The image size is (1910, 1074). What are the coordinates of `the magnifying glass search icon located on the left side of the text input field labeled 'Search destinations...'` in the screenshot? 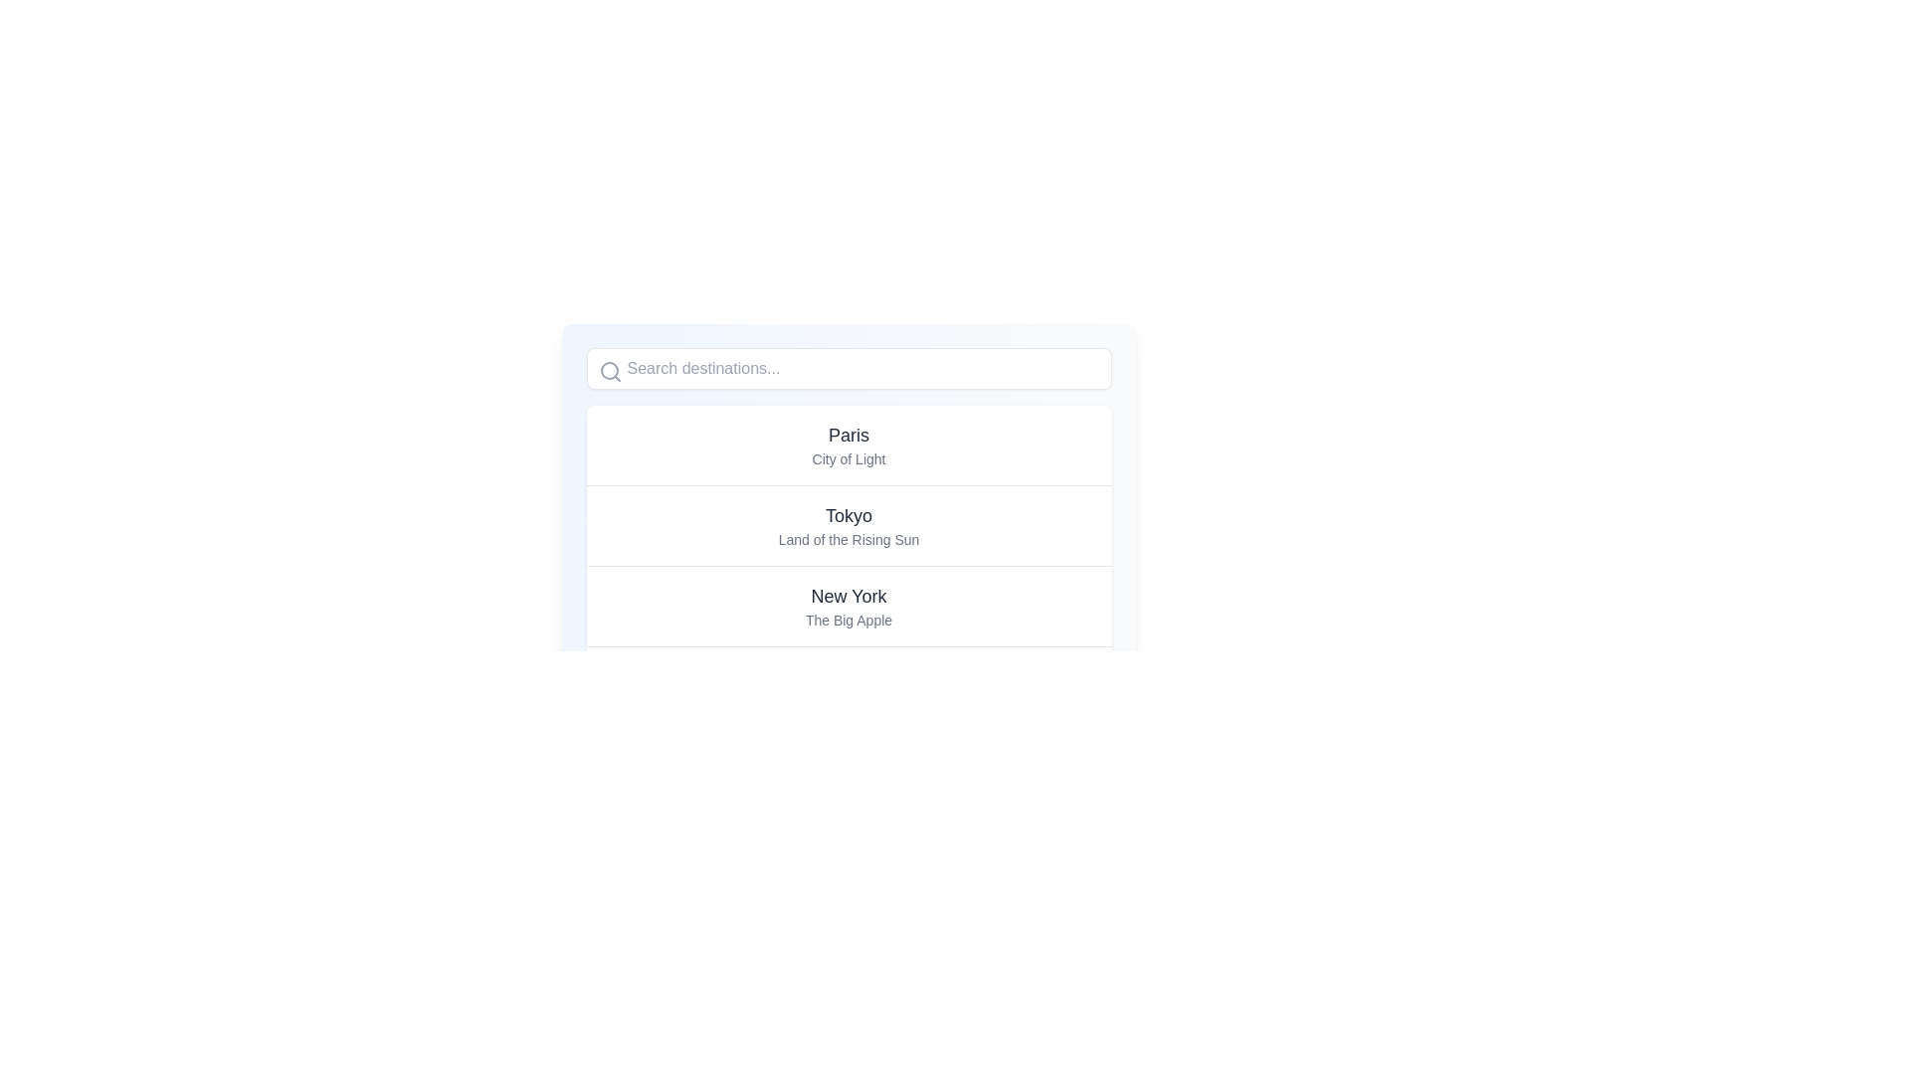 It's located at (609, 372).